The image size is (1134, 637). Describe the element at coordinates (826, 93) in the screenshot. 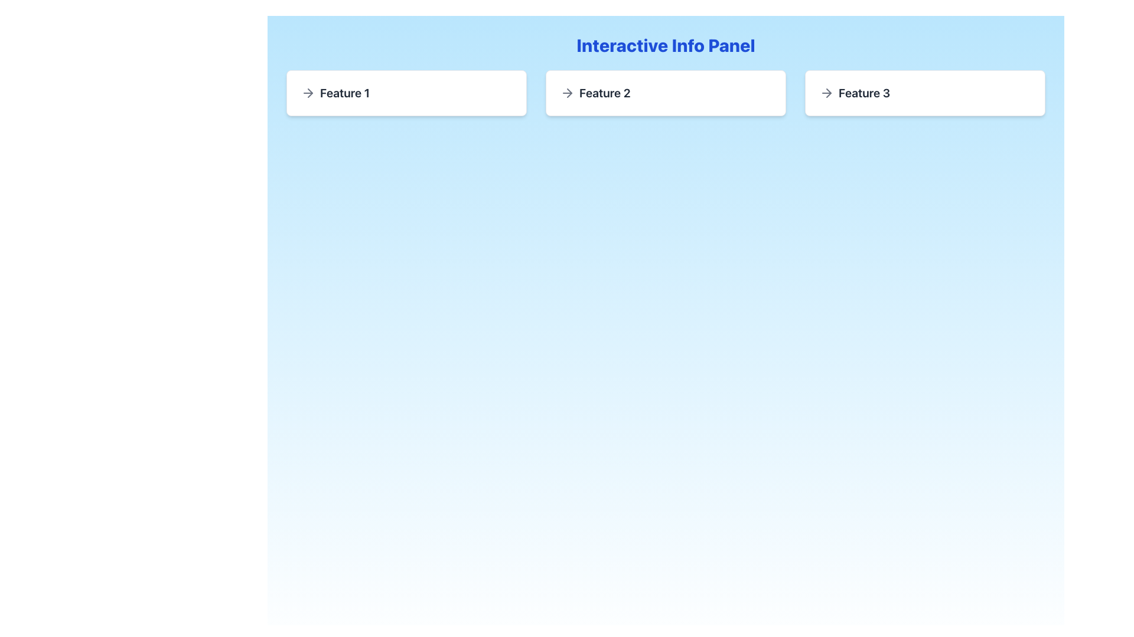

I see `the arrow icon located in the top-right portion of the 'Feature 3' section, which serves as a directional indicator for navigating to additional information` at that location.